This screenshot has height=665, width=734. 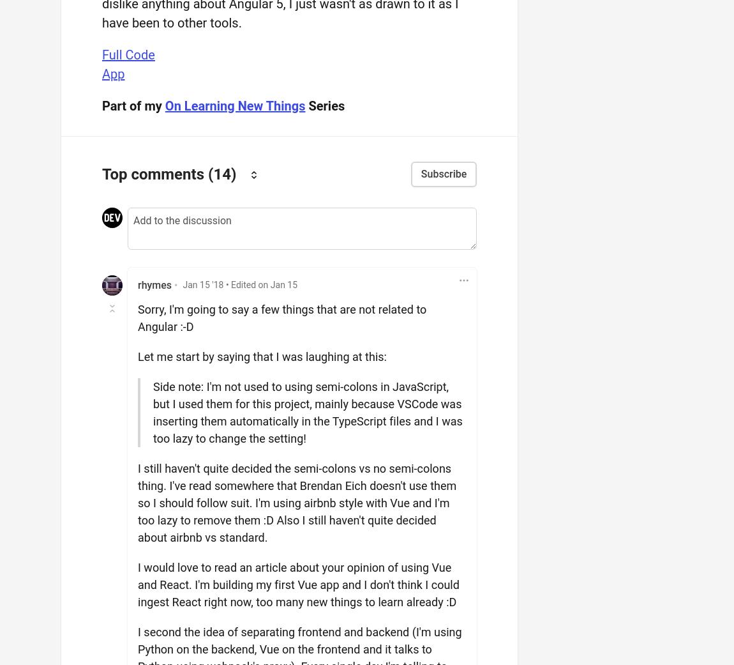 What do you see at coordinates (298, 583) in the screenshot?
I see `'I would love to read an article about your opinion of using Vue and React. I'm building my first Vue app and I don't think I could ingest React right now, too many new things to learn already :D'` at bounding box center [298, 583].